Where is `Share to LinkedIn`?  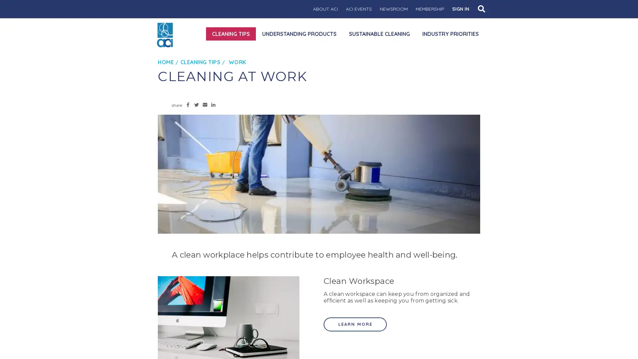
Share to LinkedIn is located at coordinates (211, 105).